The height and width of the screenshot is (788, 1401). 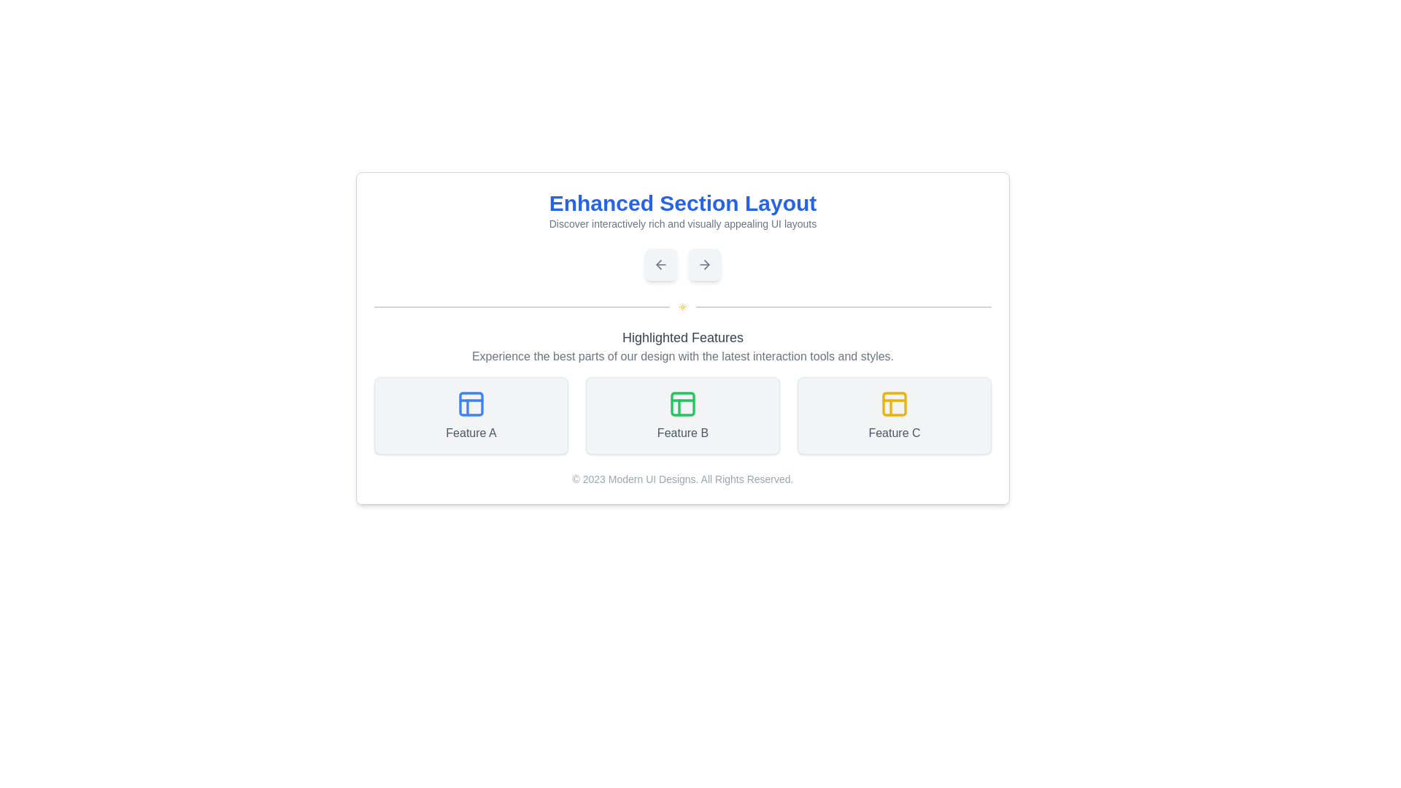 I want to click on the decorative divider with an icon located beneath the 'Enhanced Section Layout' header and above the 'Highlighted Features' section, so click(x=682, y=306).